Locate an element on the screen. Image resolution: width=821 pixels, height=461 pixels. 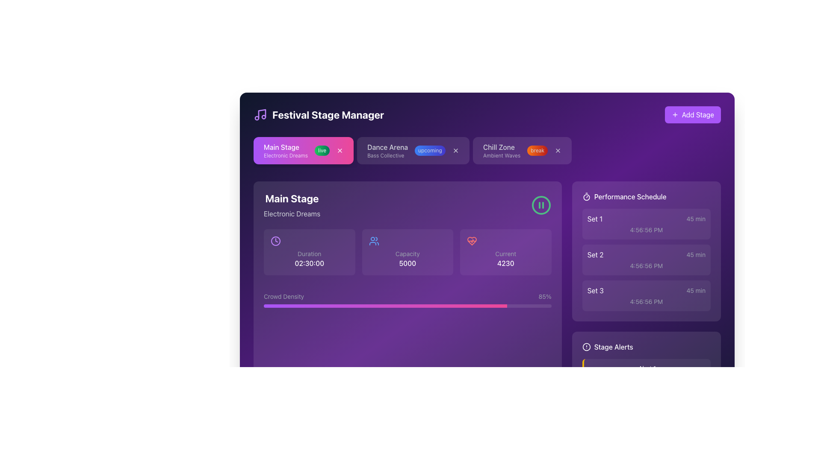
the text element displaying the scheduled performance time located at the bottom of the first schedule box in the 'Performance Schedule' section, beneath the text '45 min' is located at coordinates (646, 230).